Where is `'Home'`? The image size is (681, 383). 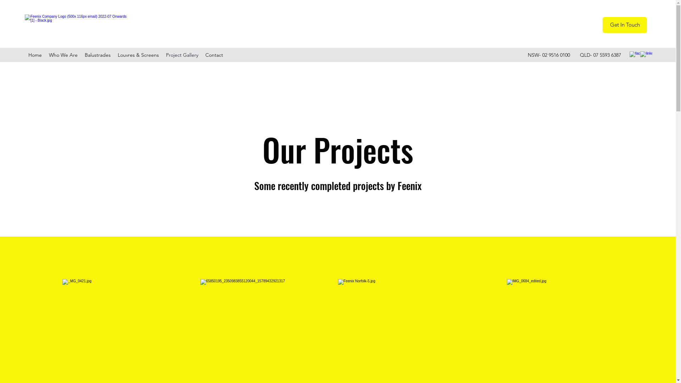 'Home' is located at coordinates (25, 54).